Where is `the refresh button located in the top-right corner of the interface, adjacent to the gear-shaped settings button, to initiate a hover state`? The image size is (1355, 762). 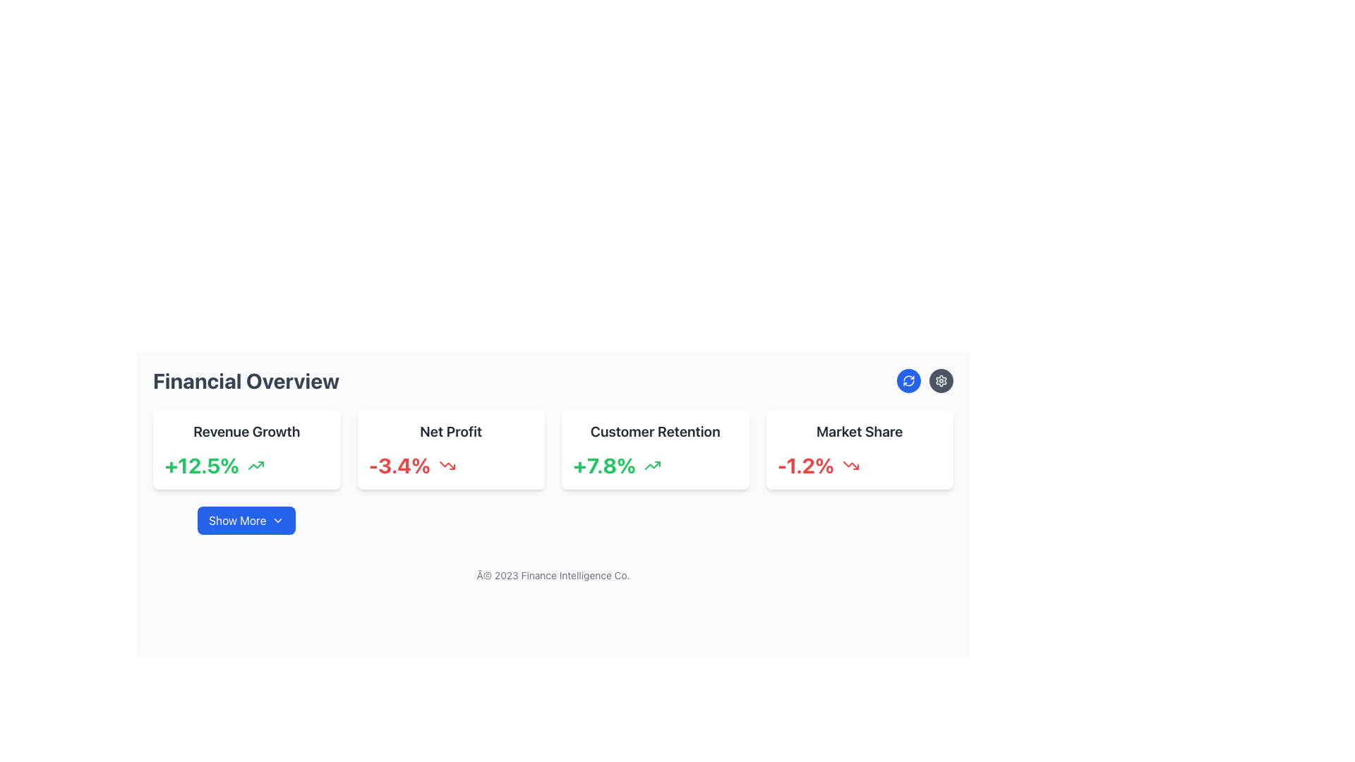 the refresh button located in the top-right corner of the interface, adjacent to the gear-shaped settings button, to initiate a hover state is located at coordinates (908, 381).